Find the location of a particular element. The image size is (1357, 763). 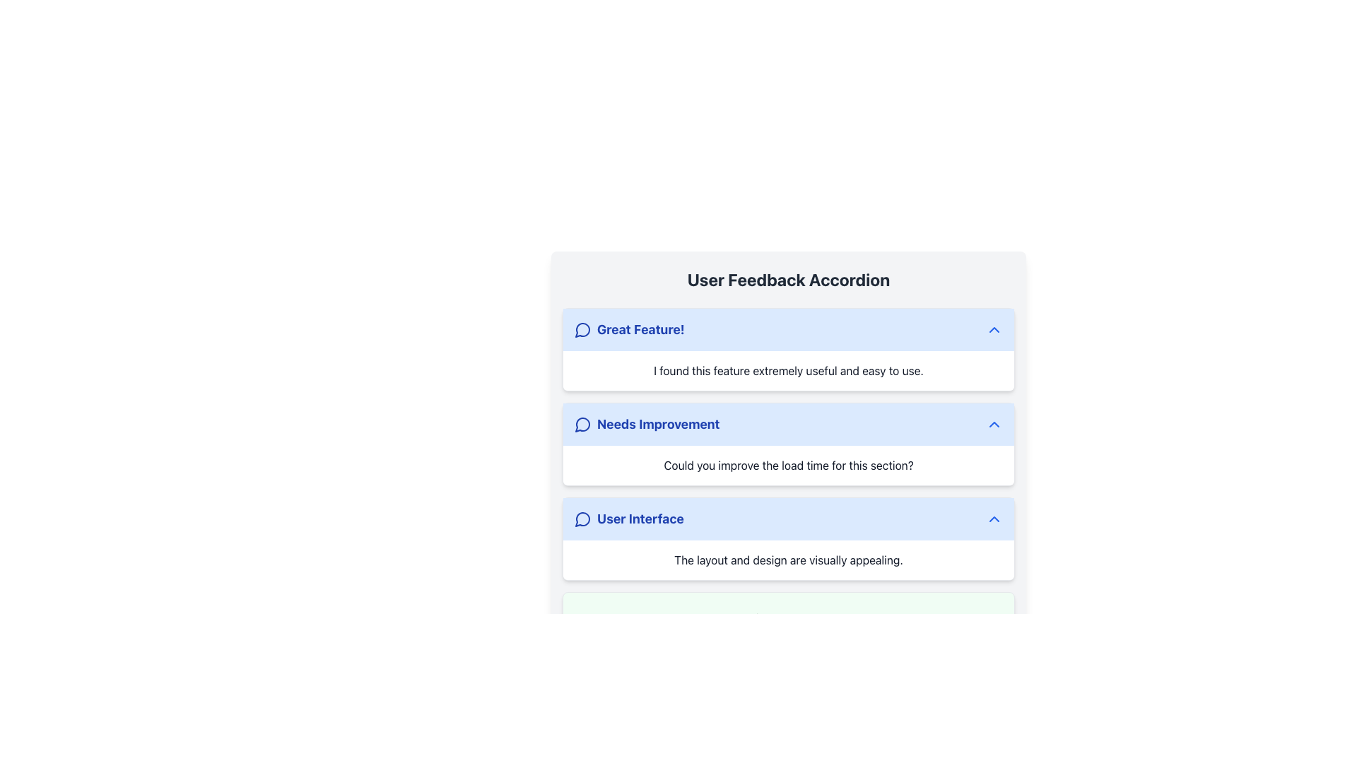

the chevron-up icon located at the far right of the 'Great Feature!' section is located at coordinates (993, 329).